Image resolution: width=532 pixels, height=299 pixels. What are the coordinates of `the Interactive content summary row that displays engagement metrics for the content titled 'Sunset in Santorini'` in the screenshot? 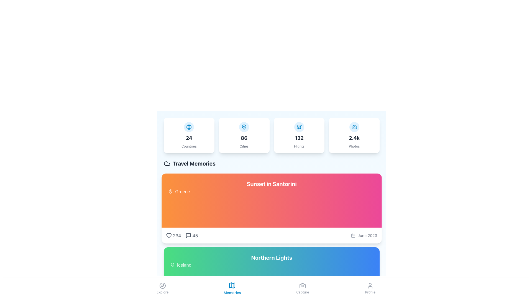 It's located at (272, 235).